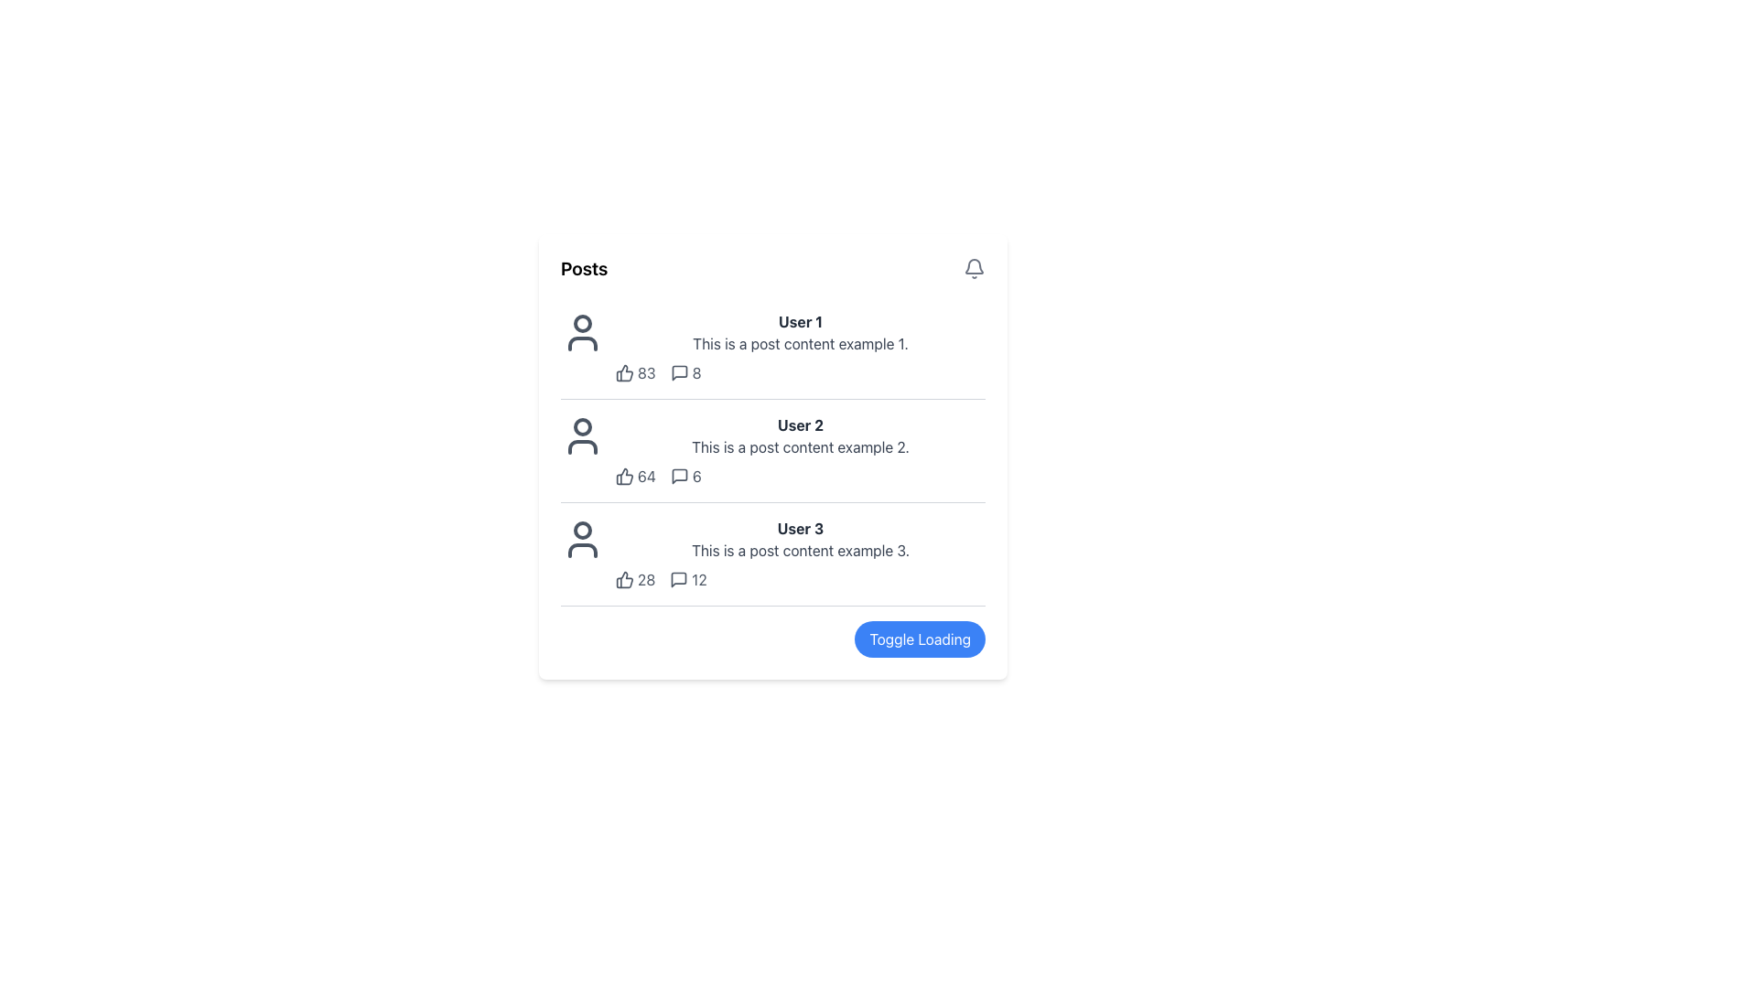  Describe the element at coordinates (800, 451) in the screenshot. I see `the second post` at that location.